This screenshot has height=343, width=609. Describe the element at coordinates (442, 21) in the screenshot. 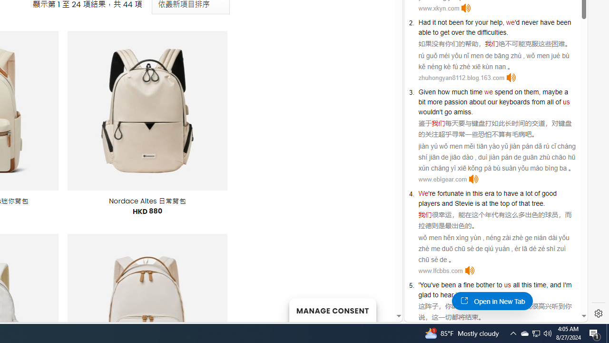

I see `'not'` at that location.